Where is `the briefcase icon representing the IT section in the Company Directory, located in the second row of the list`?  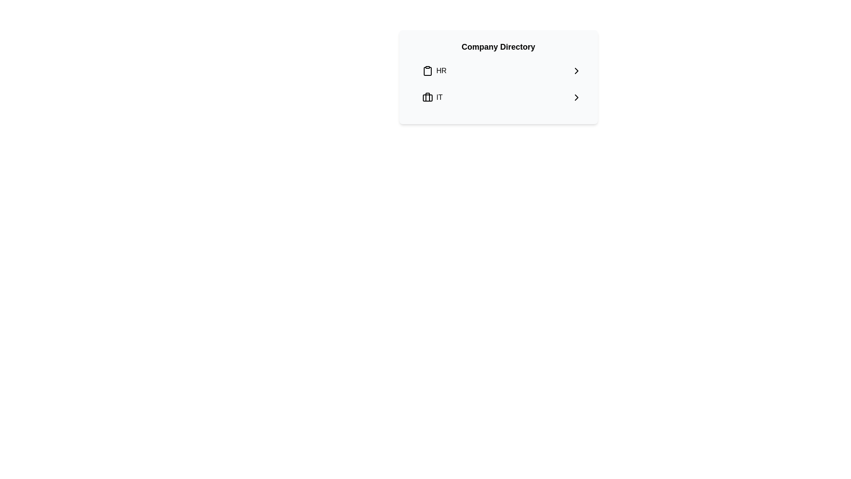
the briefcase icon representing the IT section in the Company Directory, located in the second row of the list is located at coordinates (427, 97).